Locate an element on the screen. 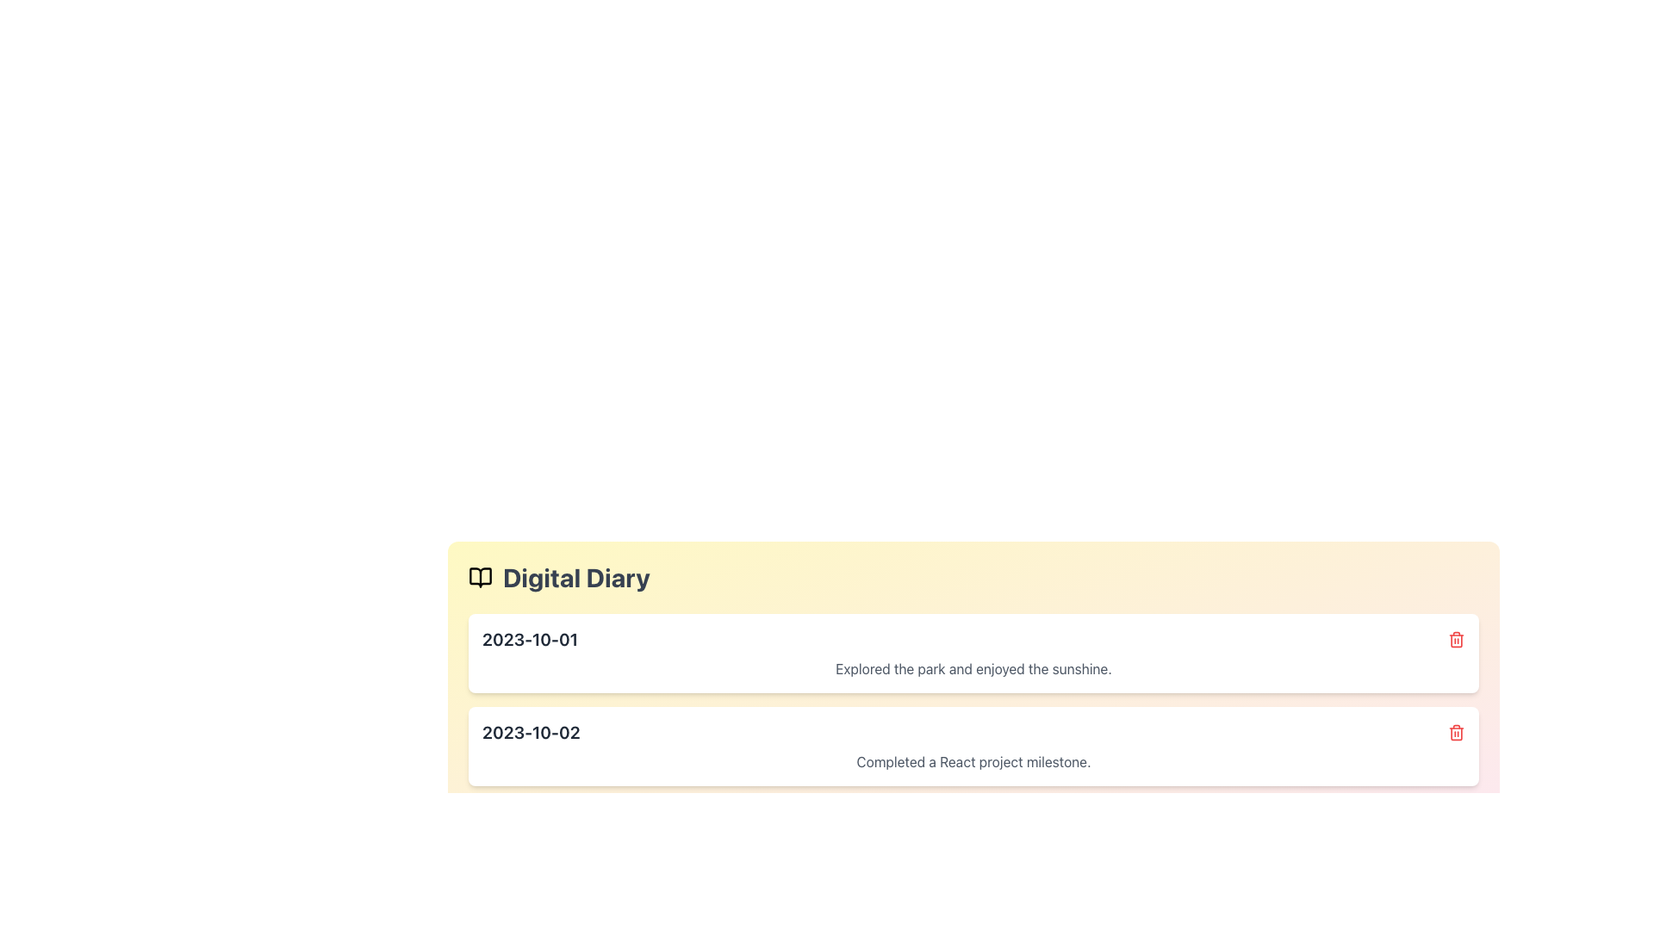 Image resolution: width=1654 pixels, height=930 pixels. the circular SVG element styled as a basic circle, located at the bottom-right corner of a card containing diary entries is located at coordinates (1455, 816).